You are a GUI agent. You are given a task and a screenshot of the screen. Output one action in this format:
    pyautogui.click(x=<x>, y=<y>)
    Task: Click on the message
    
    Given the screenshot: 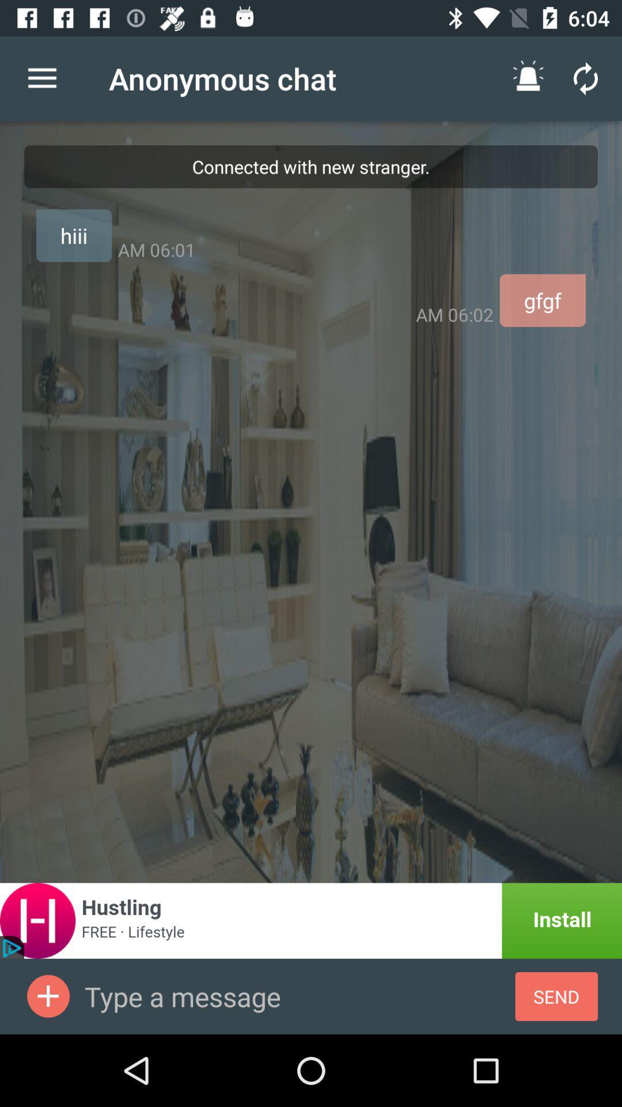 What is the action you would take?
    pyautogui.click(x=48, y=996)
    